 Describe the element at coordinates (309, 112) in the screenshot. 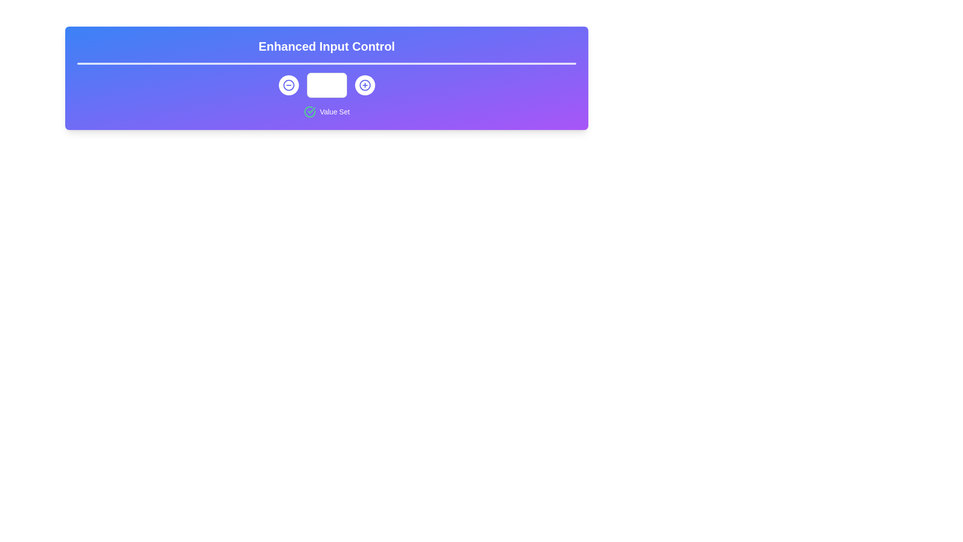

I see `the affirmative status icon located just below the text input field, aligned to the left of the 'Value Set' label` at that location.